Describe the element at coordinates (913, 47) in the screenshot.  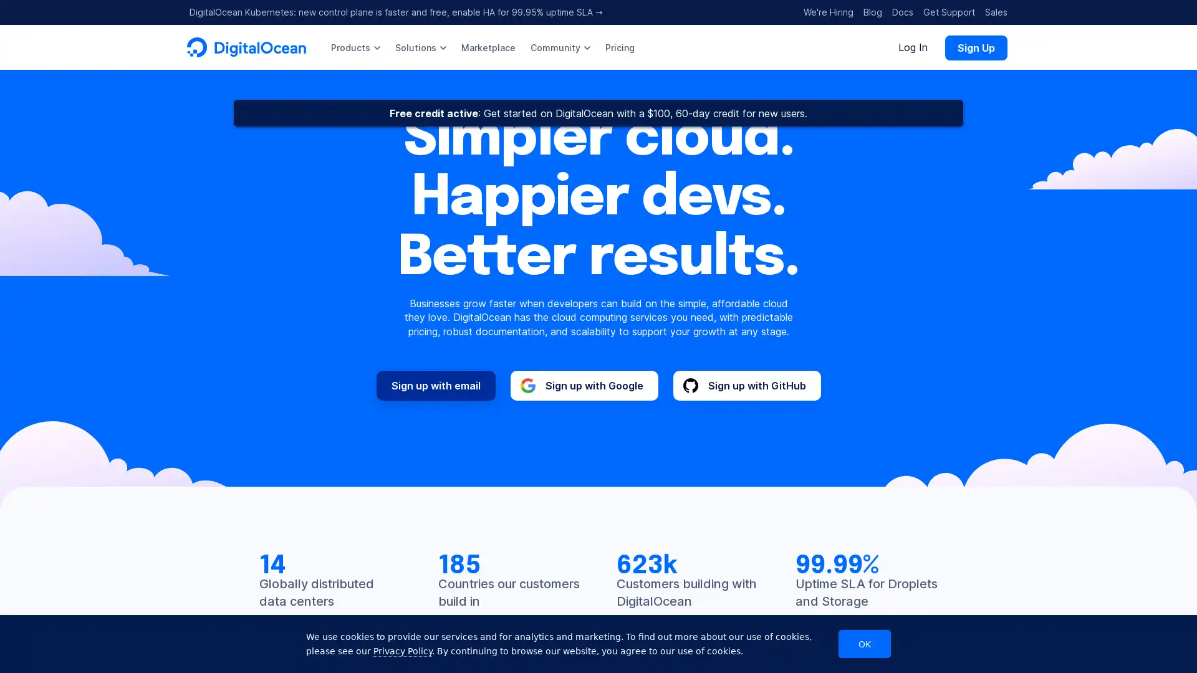
I see `Log In` at that location.